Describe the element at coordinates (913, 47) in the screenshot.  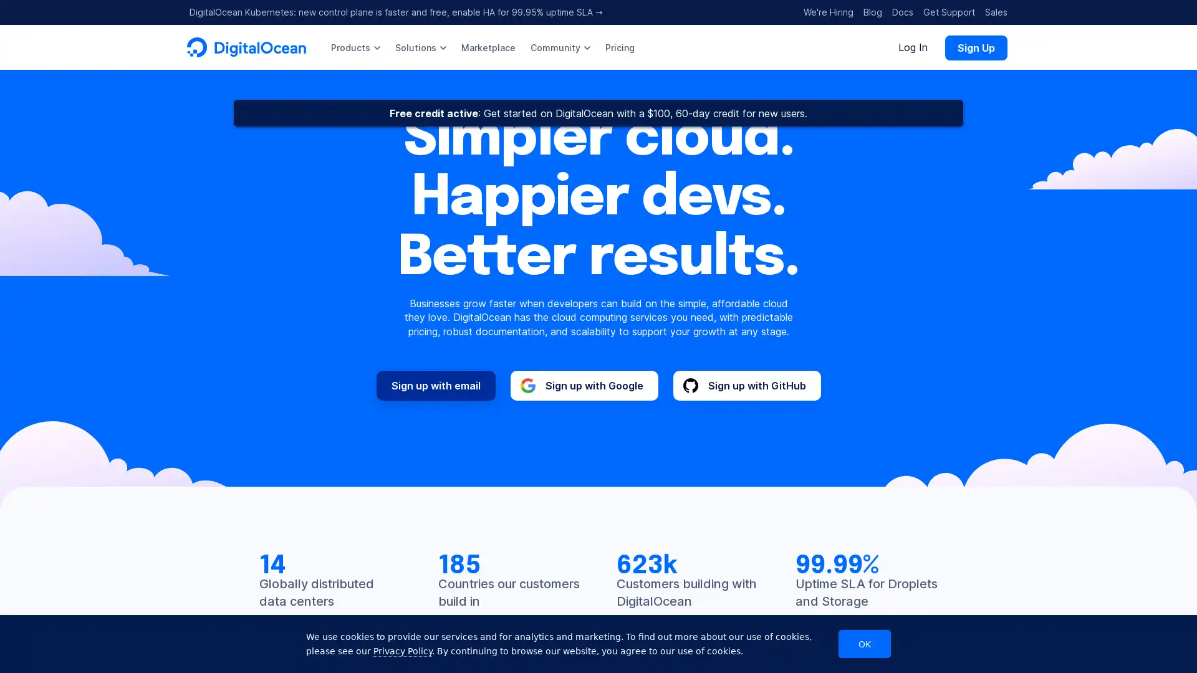
I see `Log In` at that location.